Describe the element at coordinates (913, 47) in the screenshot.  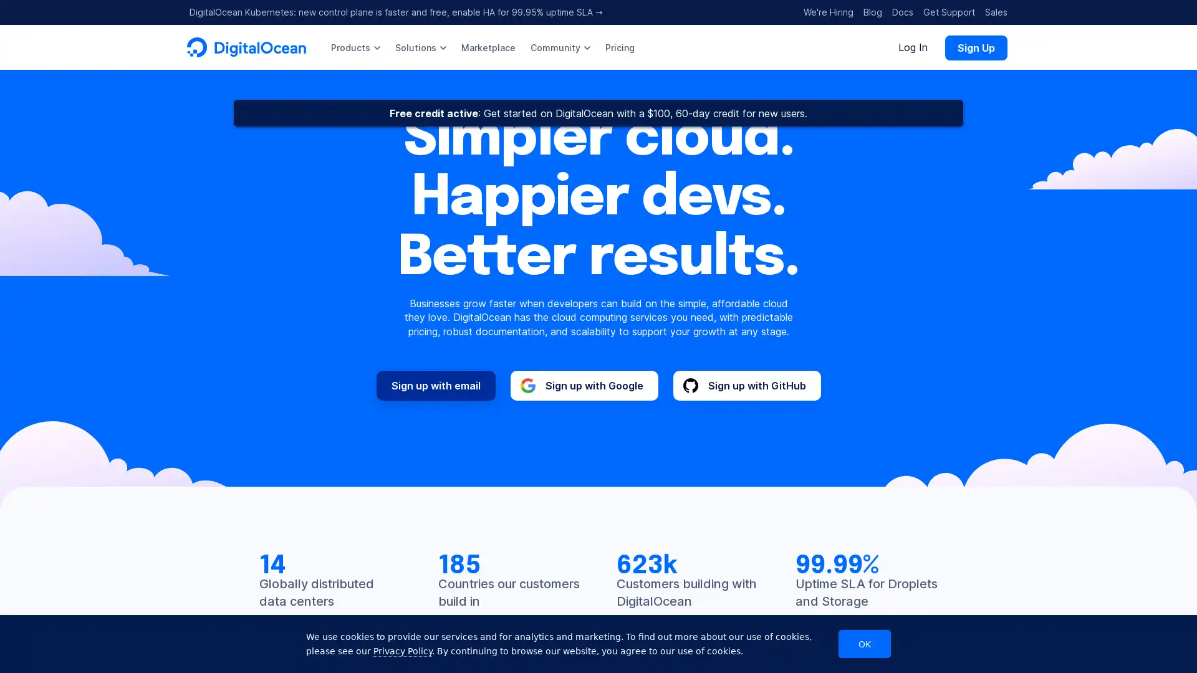
I see `Log In` at that location.